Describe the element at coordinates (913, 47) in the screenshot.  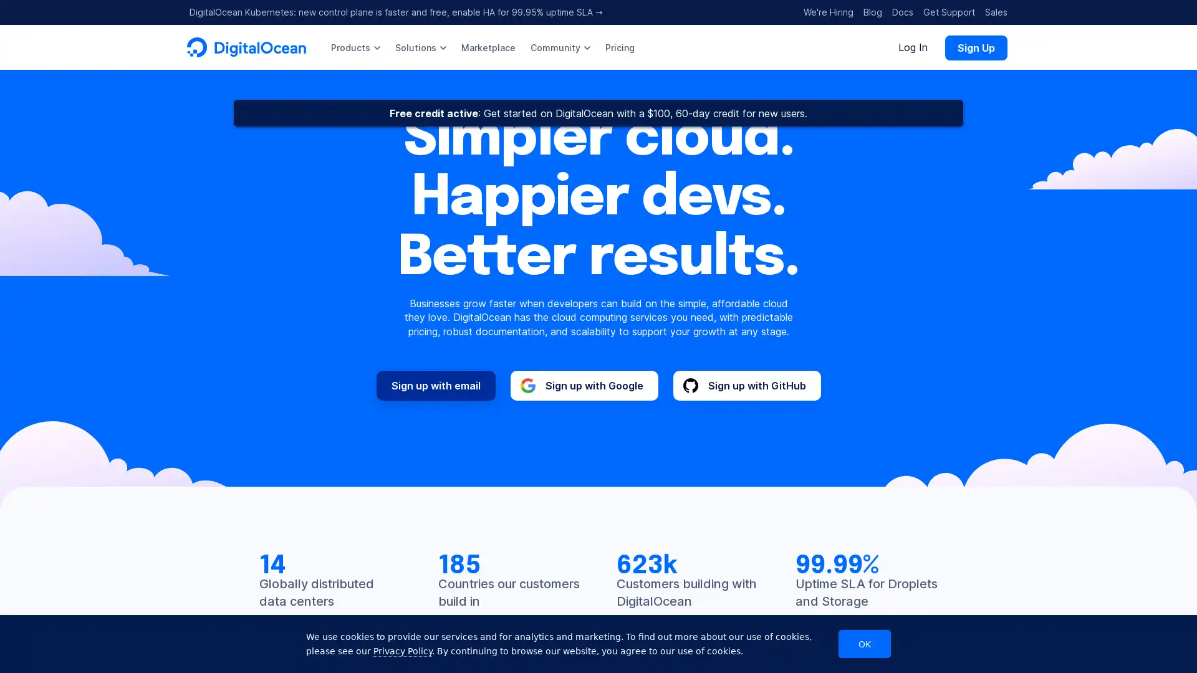
I see `Log In` at that location.